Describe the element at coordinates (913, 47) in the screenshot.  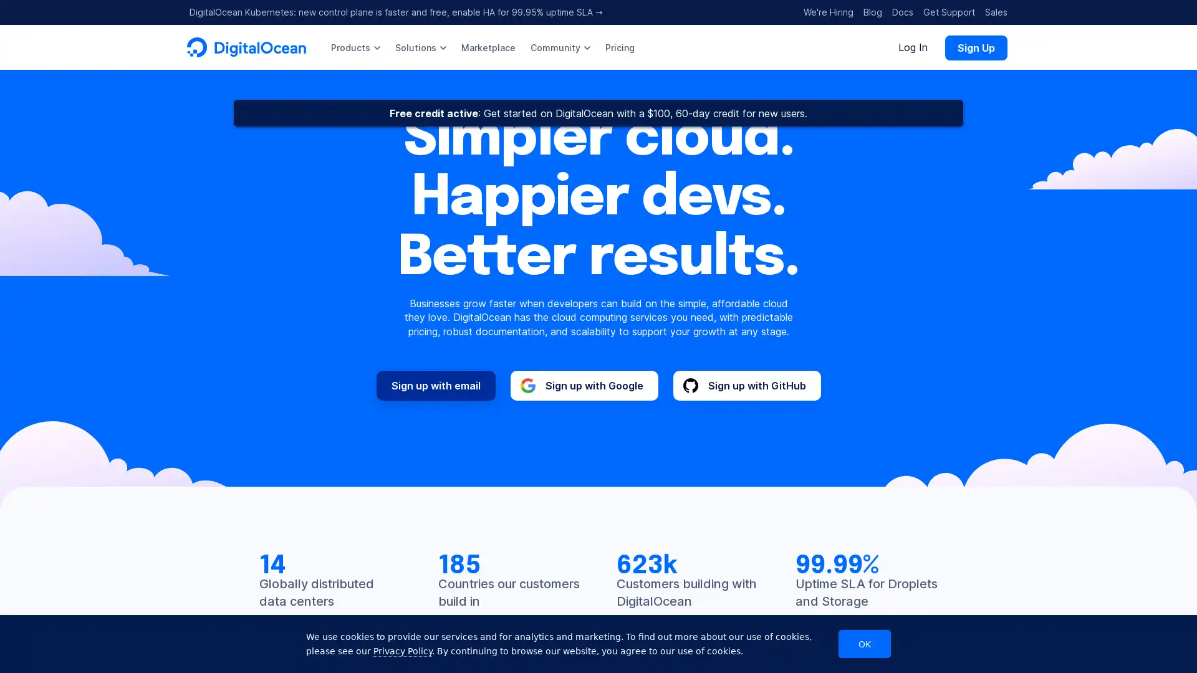
I see `Log In` at that location.